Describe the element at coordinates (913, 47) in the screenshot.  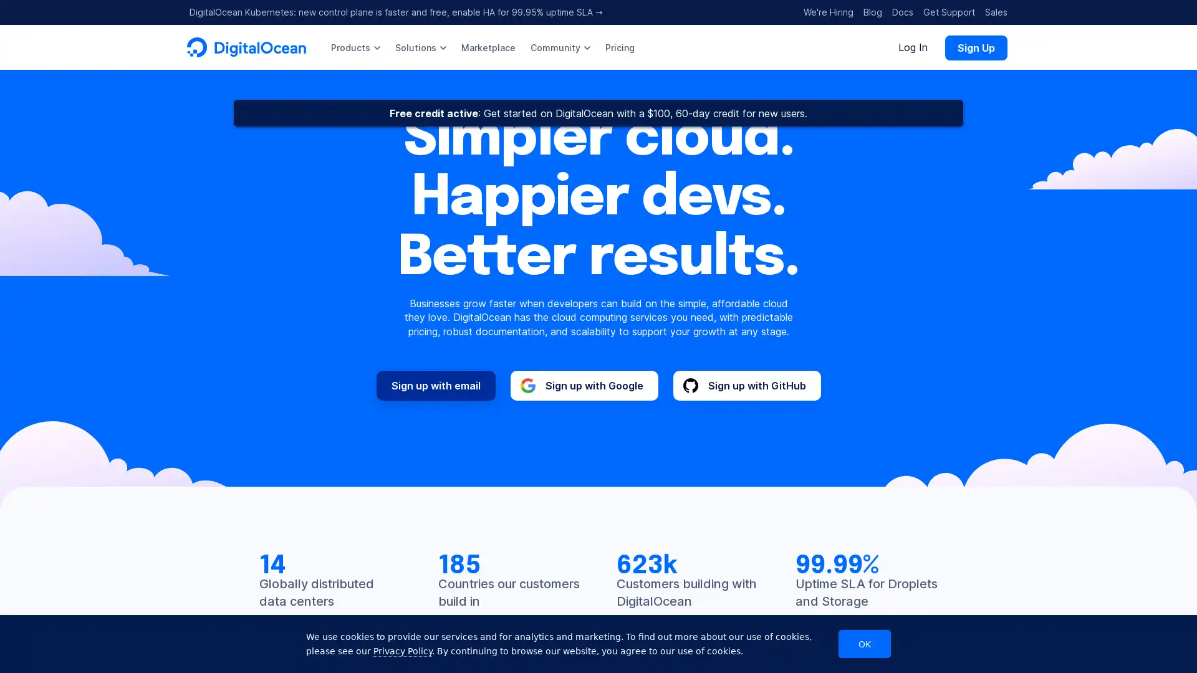
I see `Log In` at that location.